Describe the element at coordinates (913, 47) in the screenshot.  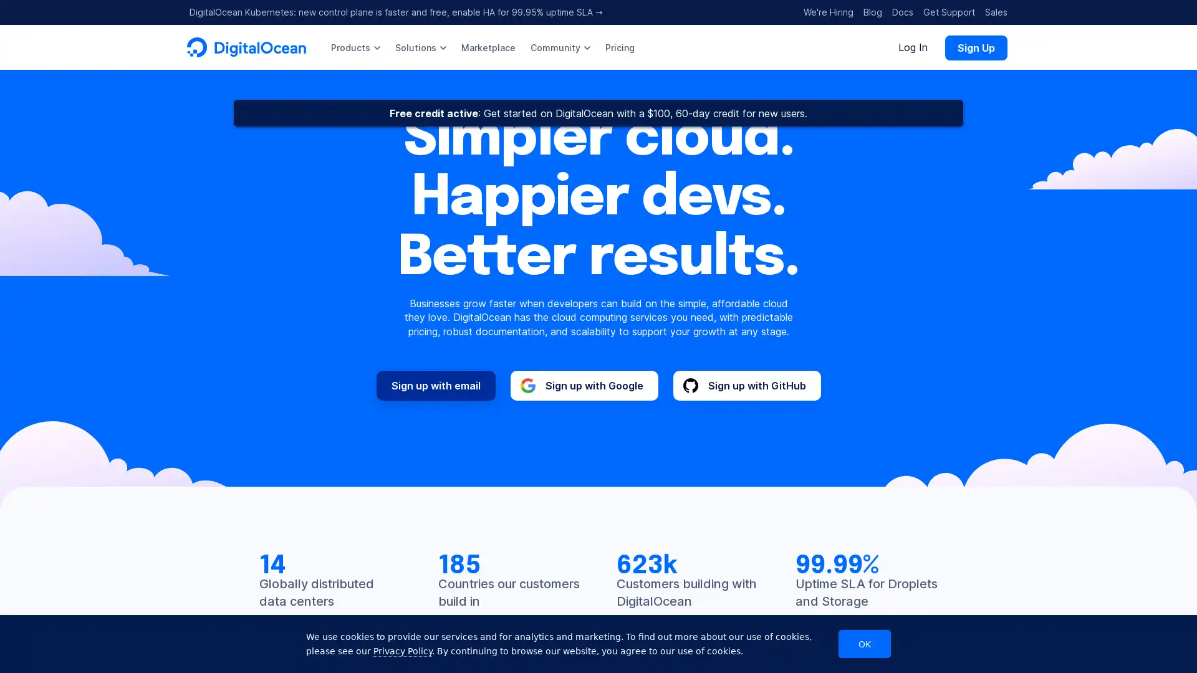
I see `Log In` at that location.